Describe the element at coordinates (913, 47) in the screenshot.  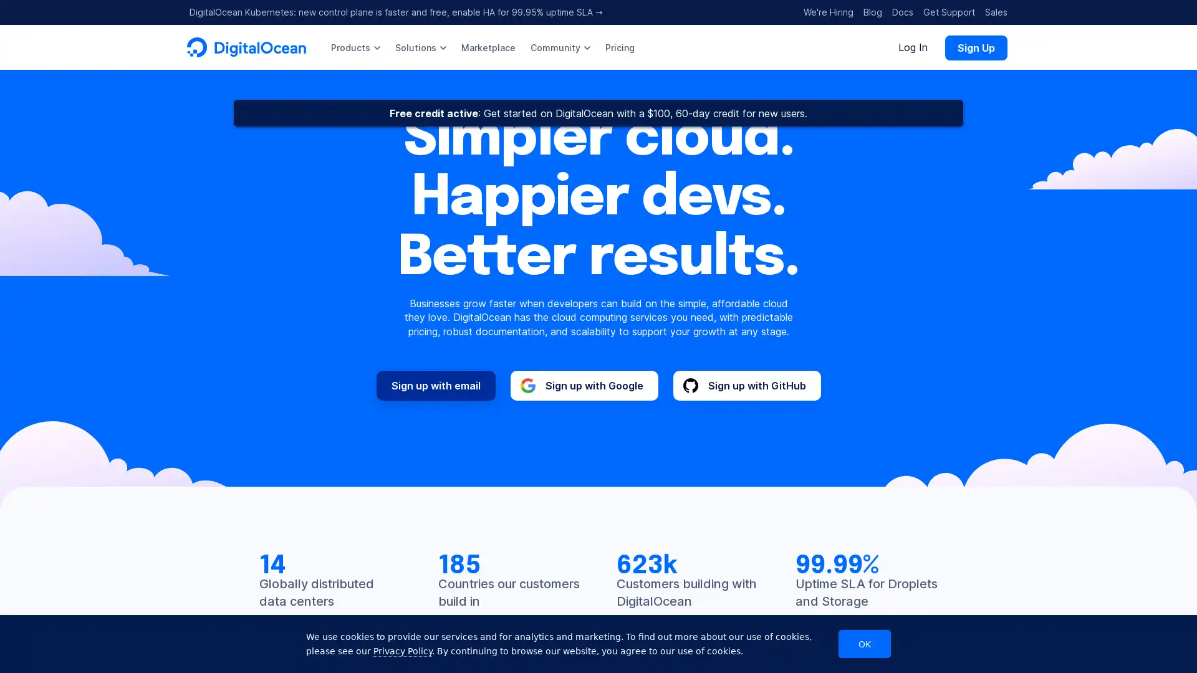
I see `Log In` at that location.